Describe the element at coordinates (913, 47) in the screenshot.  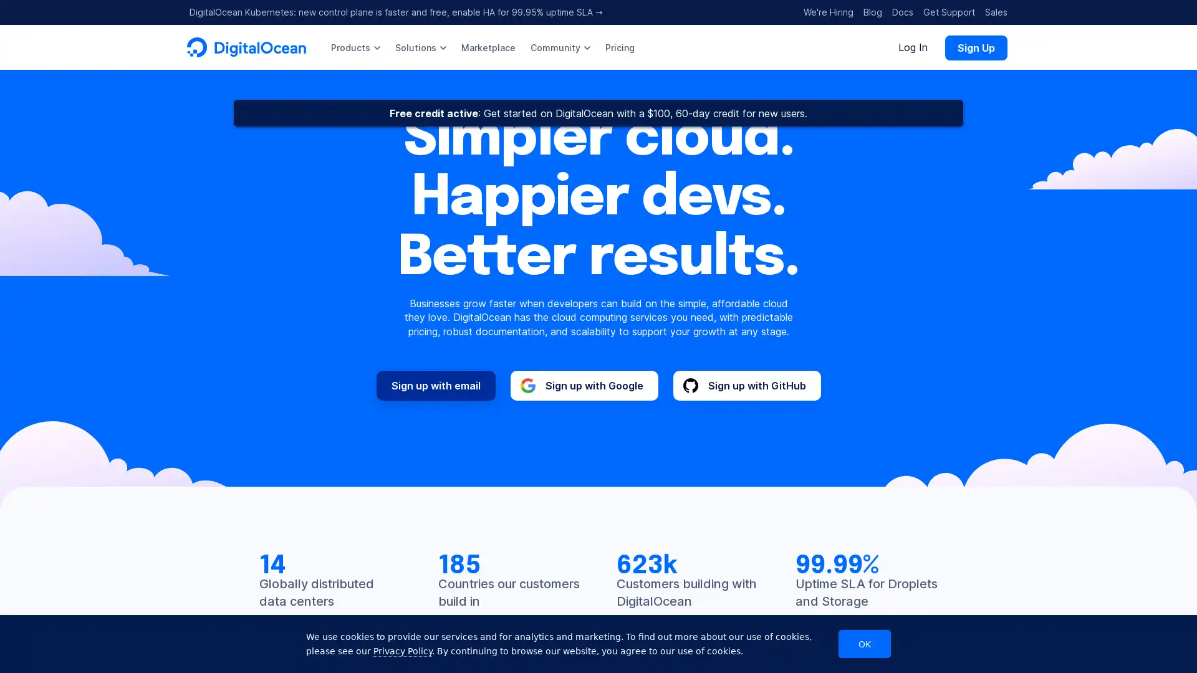
I see `Log In` at that location.